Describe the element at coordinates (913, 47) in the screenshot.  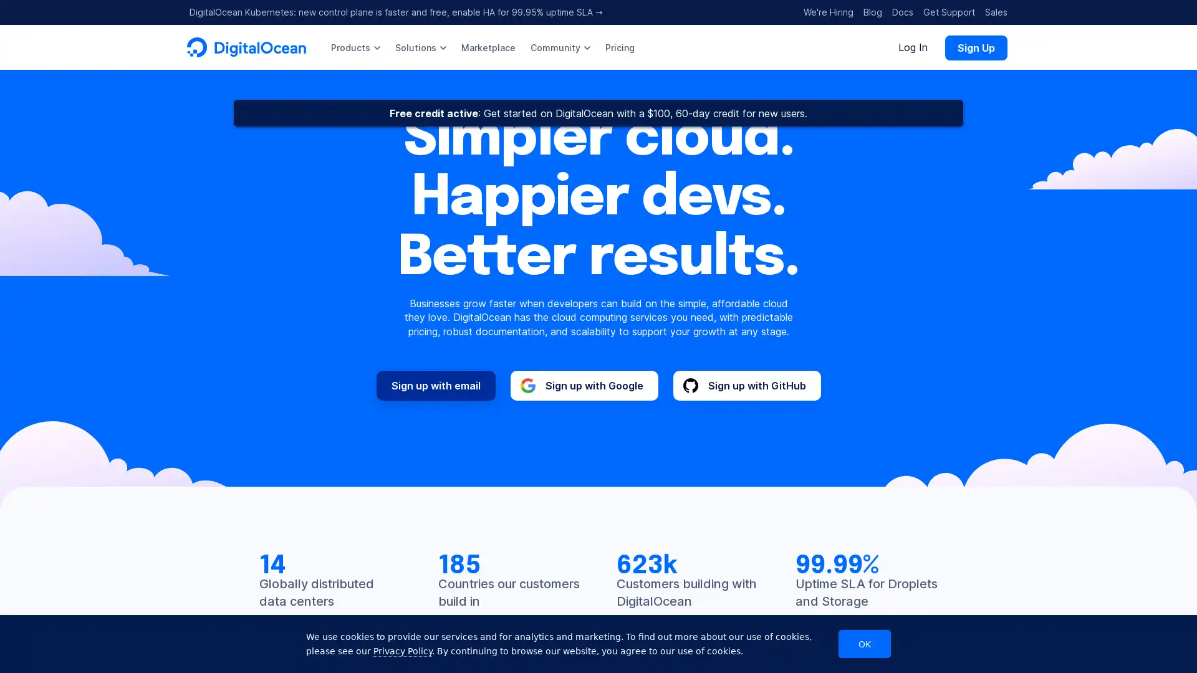
I see `Log In` at that location.